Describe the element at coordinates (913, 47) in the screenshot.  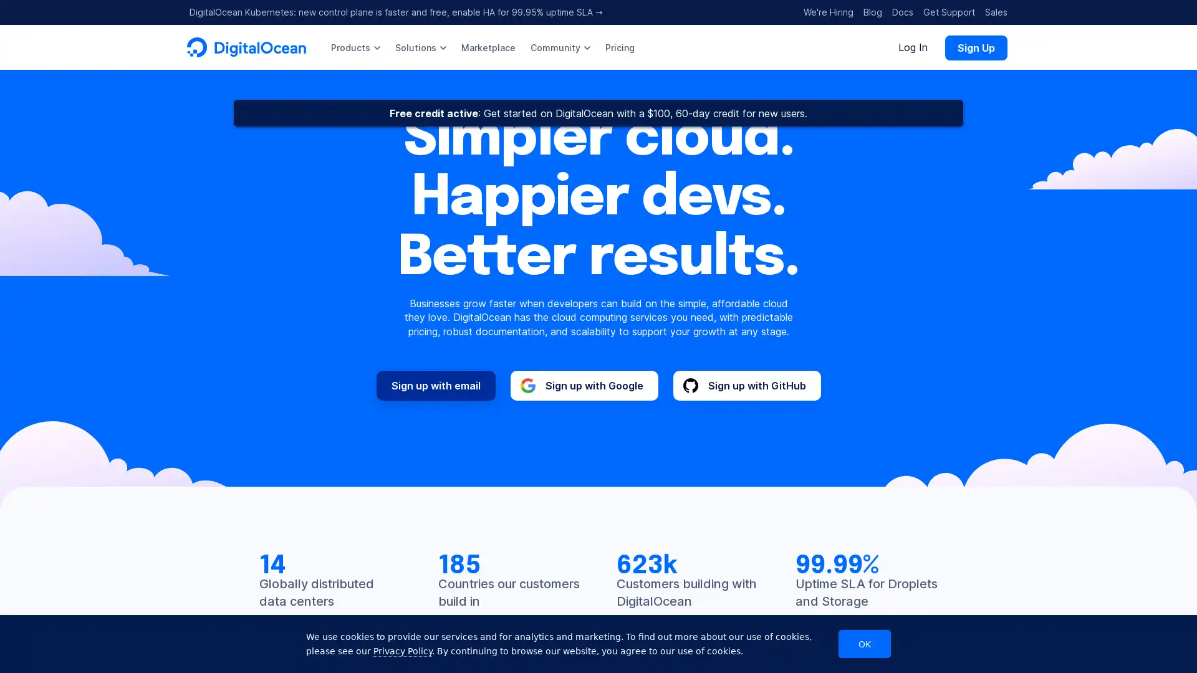
I see `Log In` at that location.